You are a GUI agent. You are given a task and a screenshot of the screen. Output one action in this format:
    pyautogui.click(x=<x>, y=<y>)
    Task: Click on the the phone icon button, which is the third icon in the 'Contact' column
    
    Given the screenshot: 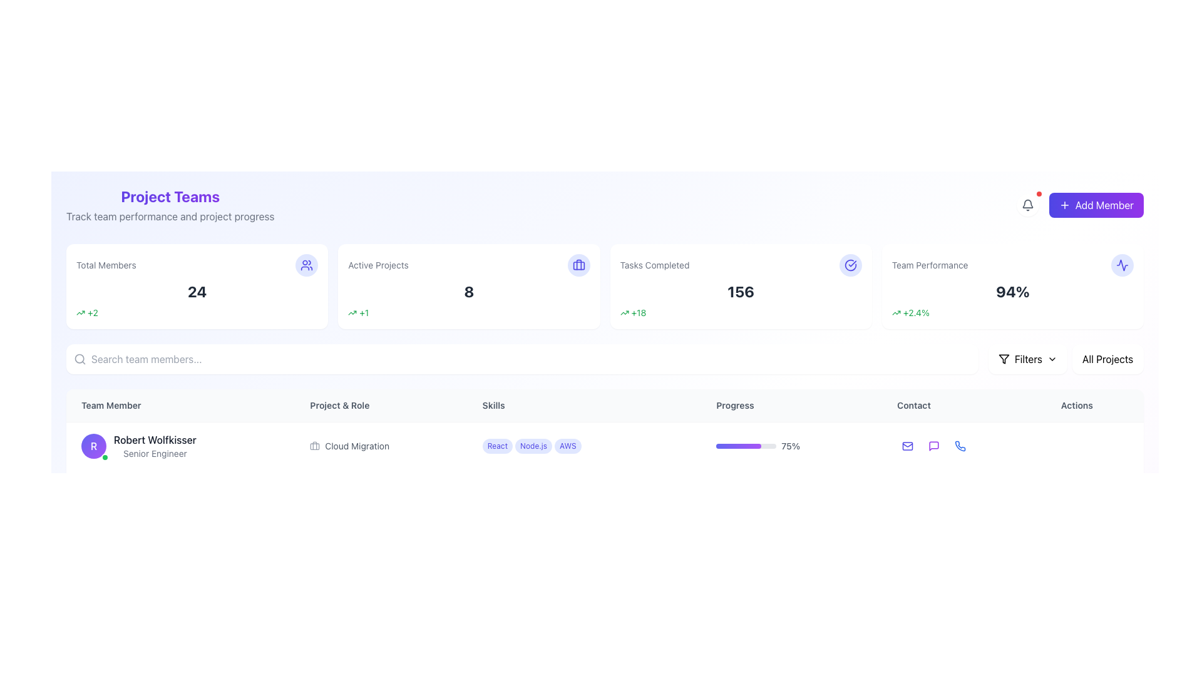 What is the action you would take?
    pyautogui.click(x=963, y=446)
    